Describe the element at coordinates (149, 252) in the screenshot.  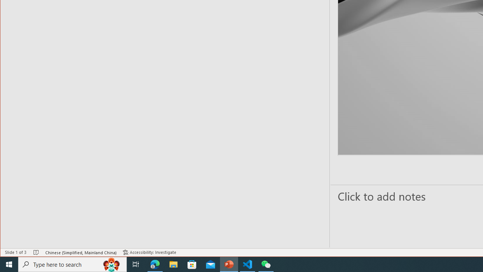
I see `'Accessibility Checker Accessibility: Investigate'` at that location.